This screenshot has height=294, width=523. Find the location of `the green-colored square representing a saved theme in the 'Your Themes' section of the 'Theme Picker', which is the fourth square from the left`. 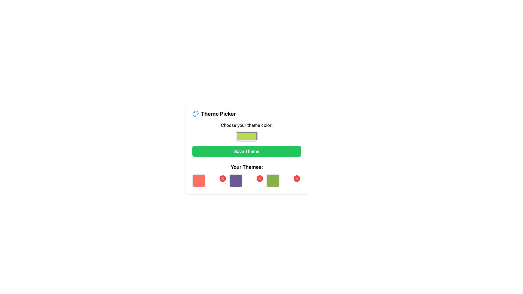

the green-colored square representing a saved theme in the 'Your Themes' section of the 'Theme Picker', which is the fourth square from the left is located at coordinates (283, 180).